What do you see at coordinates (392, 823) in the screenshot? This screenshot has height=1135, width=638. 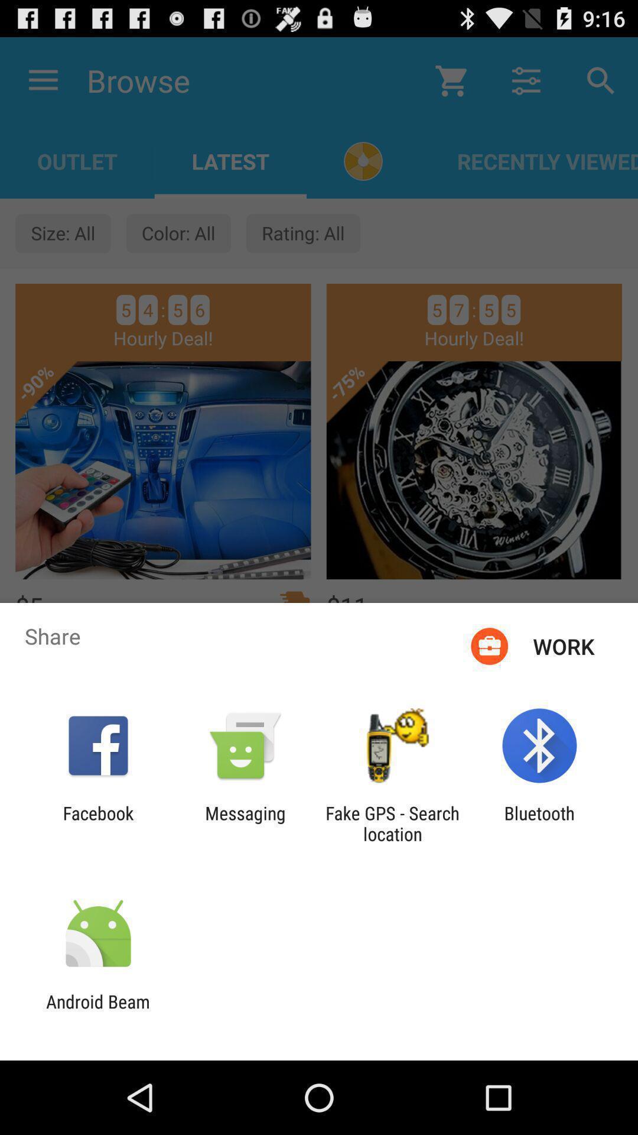 I see `the fake gps search app` at bounding box center [392, 823].